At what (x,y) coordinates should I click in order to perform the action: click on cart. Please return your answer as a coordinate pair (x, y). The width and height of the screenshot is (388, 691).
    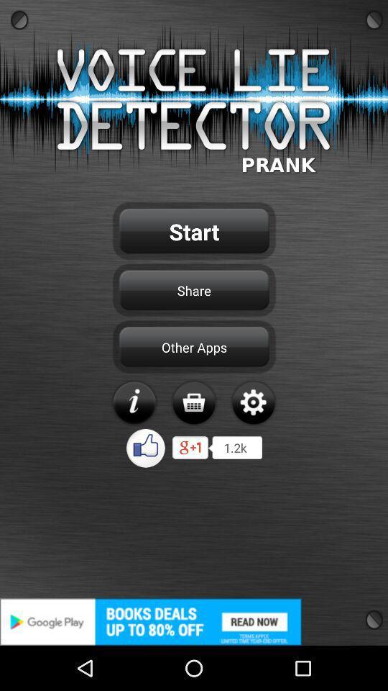
    Looking at the image, I should click on (193, 402).